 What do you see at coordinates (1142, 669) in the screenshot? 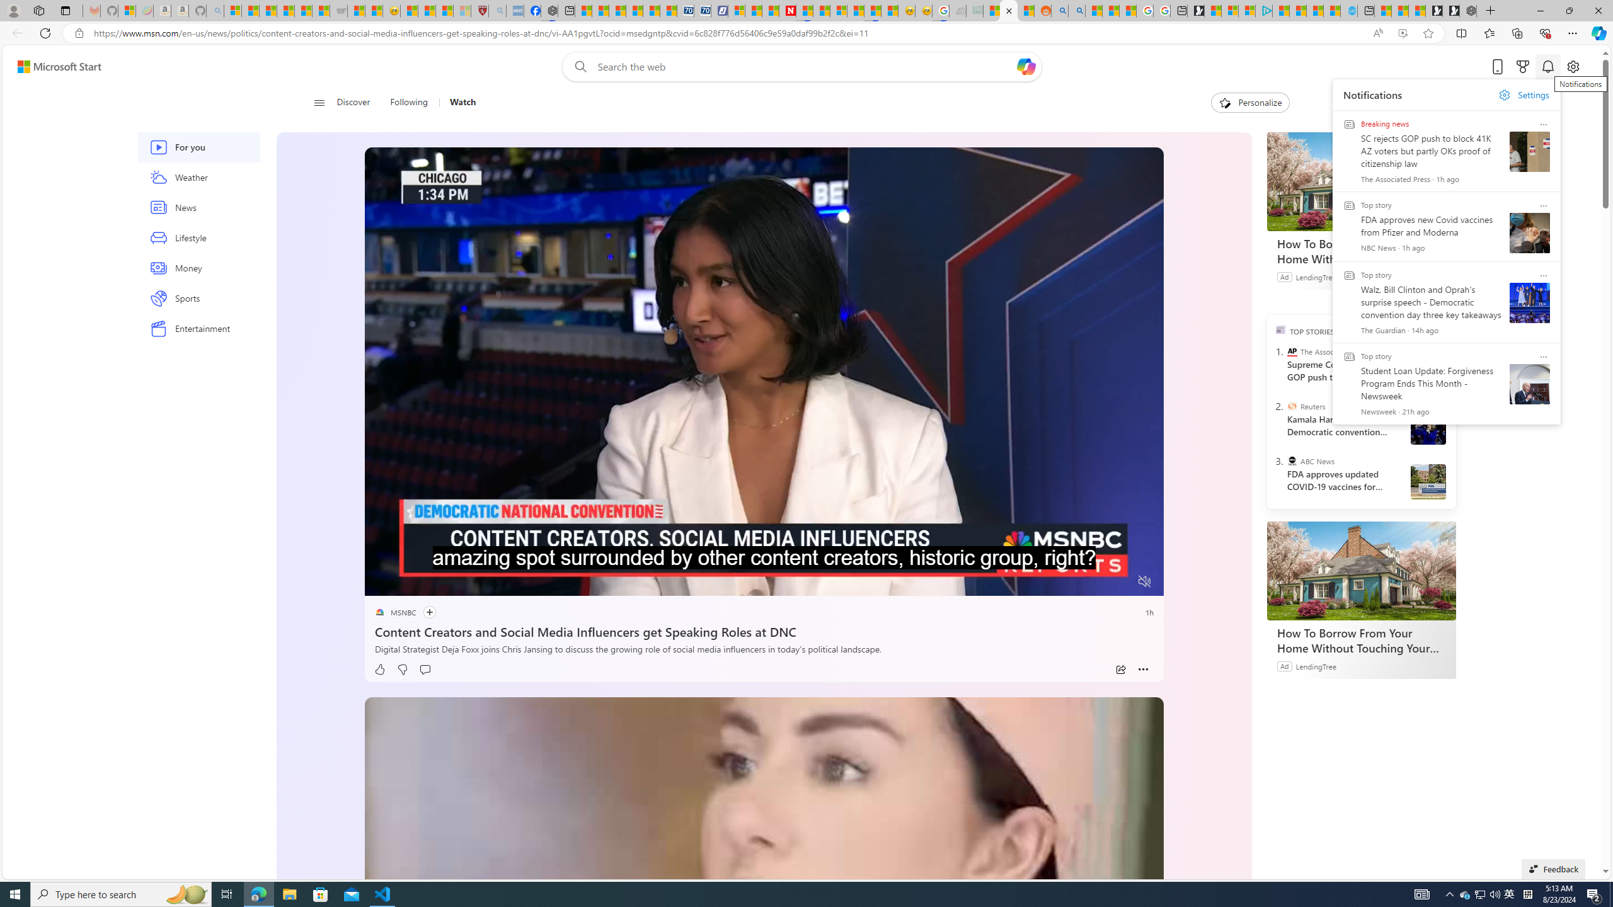
I see `'Class: at-item inline-watch'` at bounding box center [1142, 669].